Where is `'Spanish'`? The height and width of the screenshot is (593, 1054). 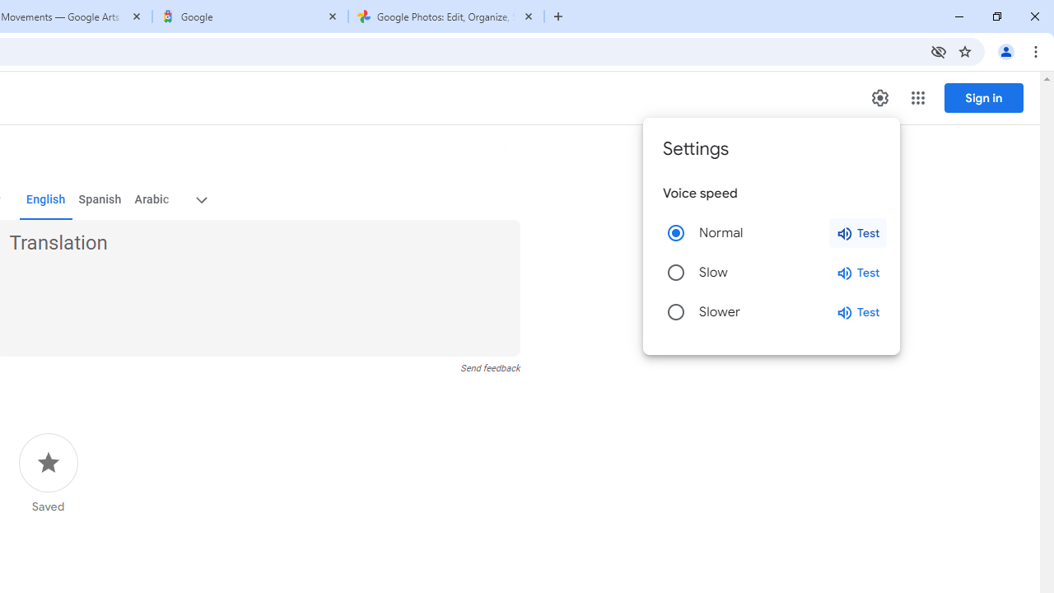
'Spanish' is located at coordinates (99, 199).